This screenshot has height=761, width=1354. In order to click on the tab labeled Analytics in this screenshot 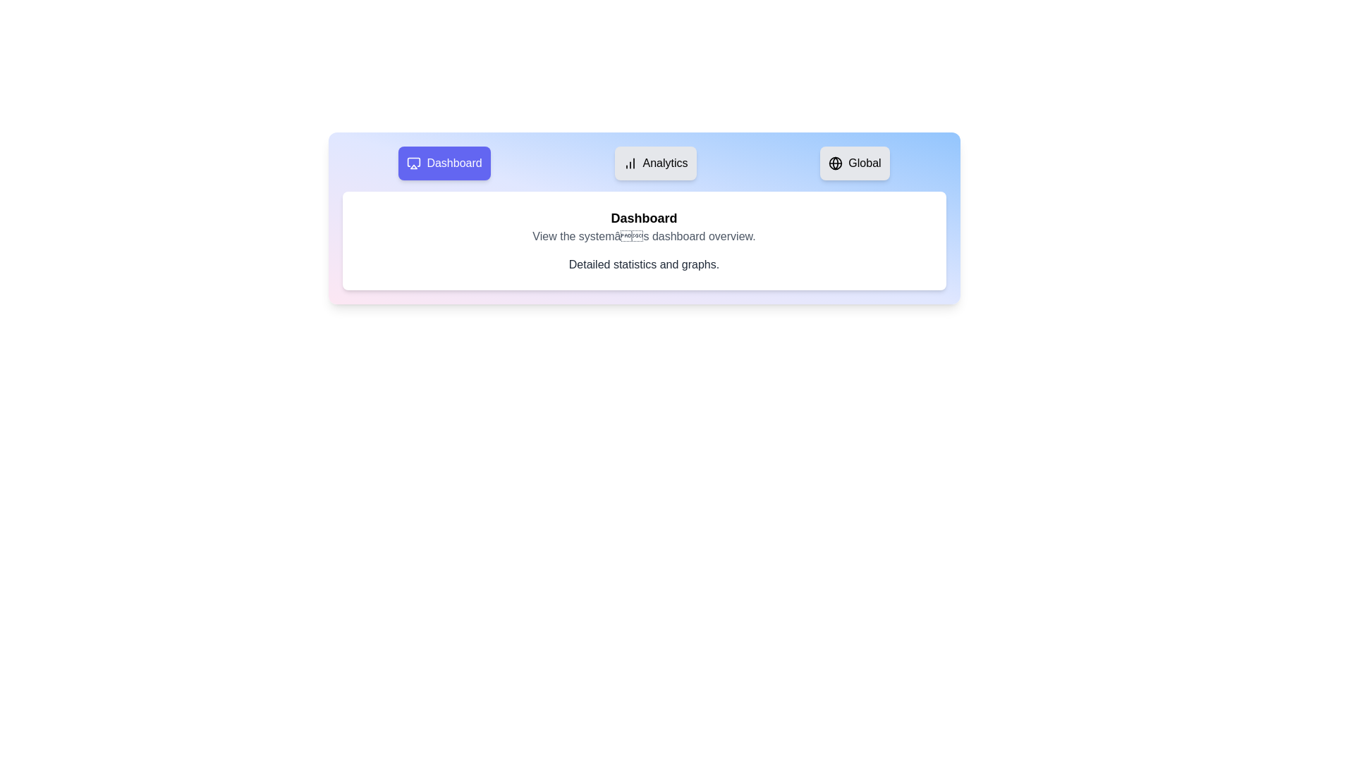, I will do `click(654, 162)`.